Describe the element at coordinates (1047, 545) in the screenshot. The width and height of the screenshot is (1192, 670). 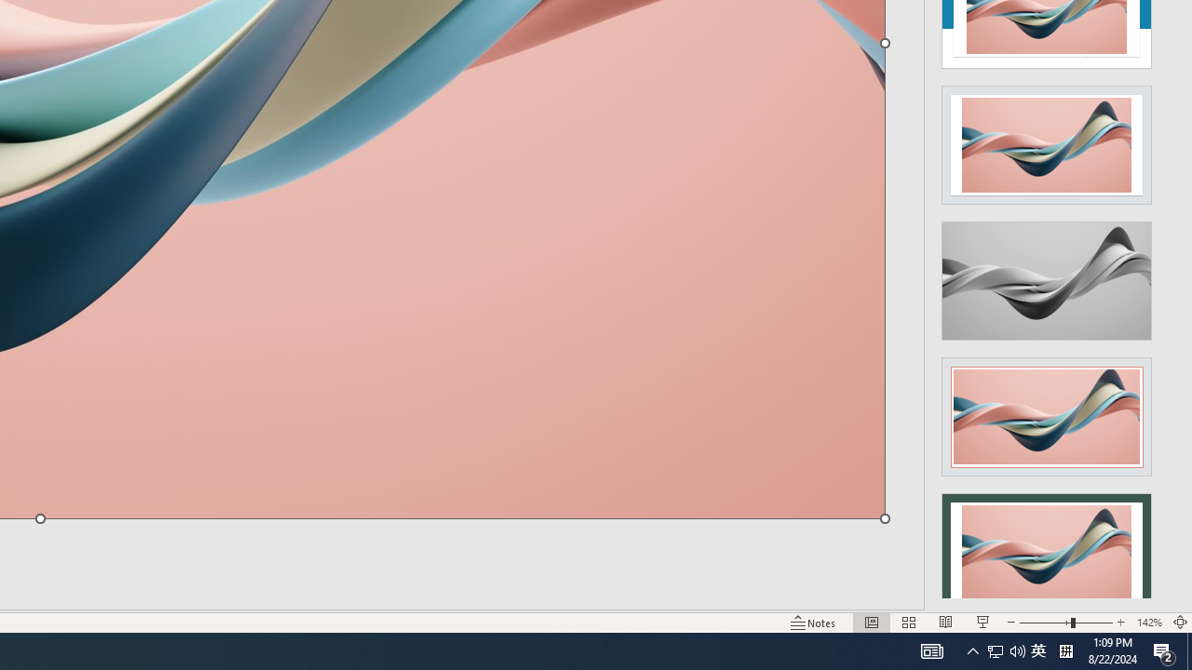
I see `'Design Idea'` at that location.